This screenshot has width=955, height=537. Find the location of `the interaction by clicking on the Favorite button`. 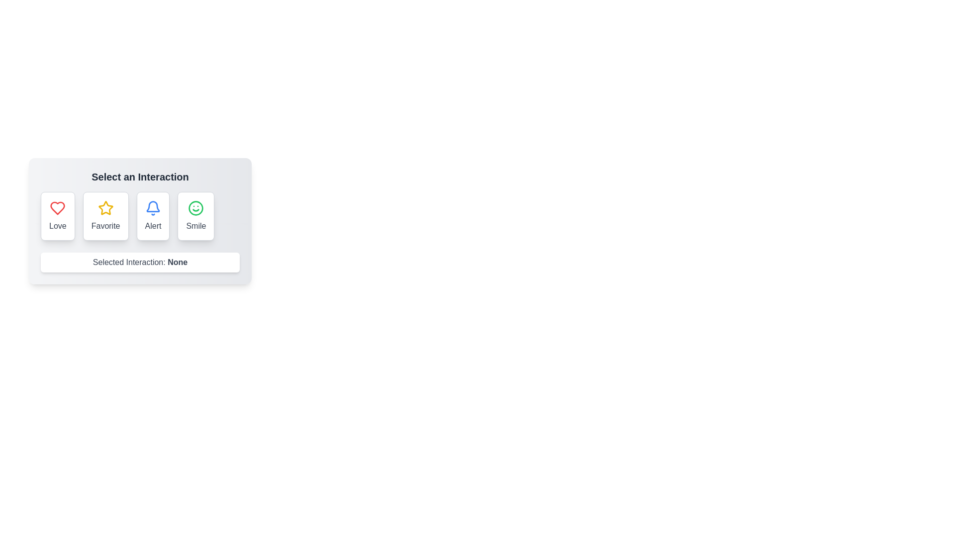

the interaction by clicking on the Favorite button is located at coordinates (105, 216).